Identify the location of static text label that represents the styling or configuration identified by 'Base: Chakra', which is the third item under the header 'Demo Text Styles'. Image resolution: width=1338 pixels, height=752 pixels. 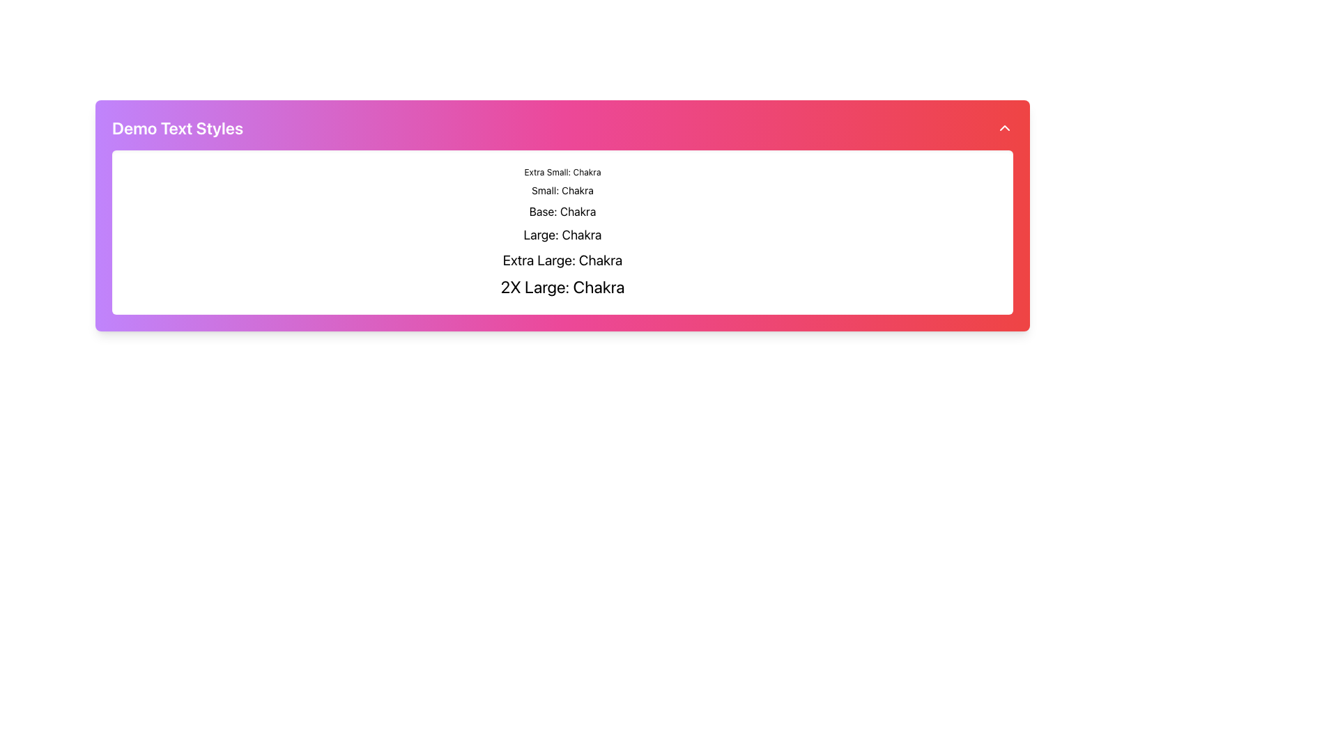
(562, 212).